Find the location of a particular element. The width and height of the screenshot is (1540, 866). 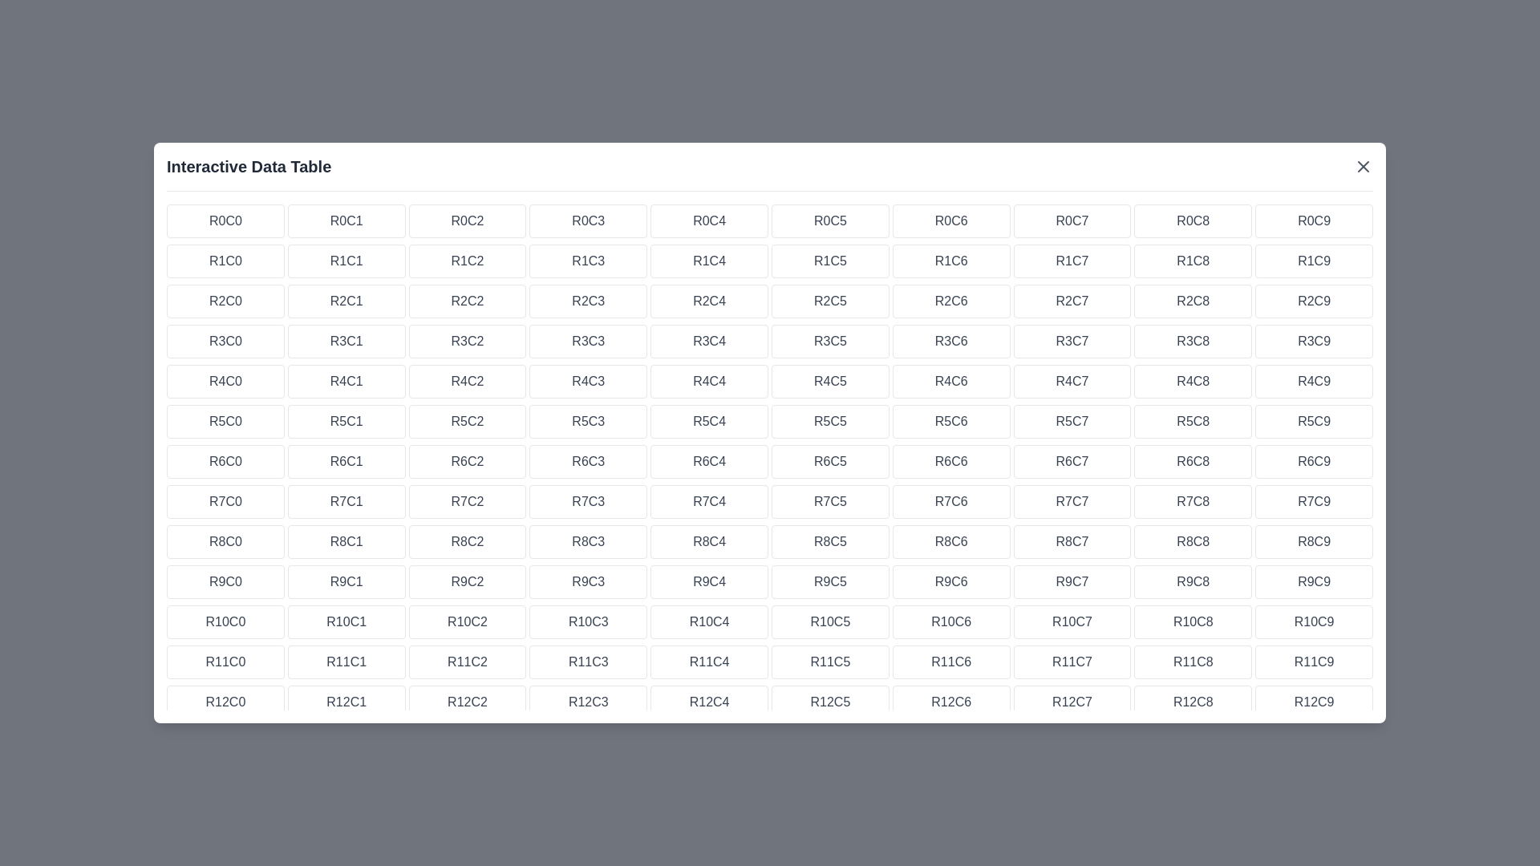

the 'X' button to close the dialog is located at coordinates (1362, 167).